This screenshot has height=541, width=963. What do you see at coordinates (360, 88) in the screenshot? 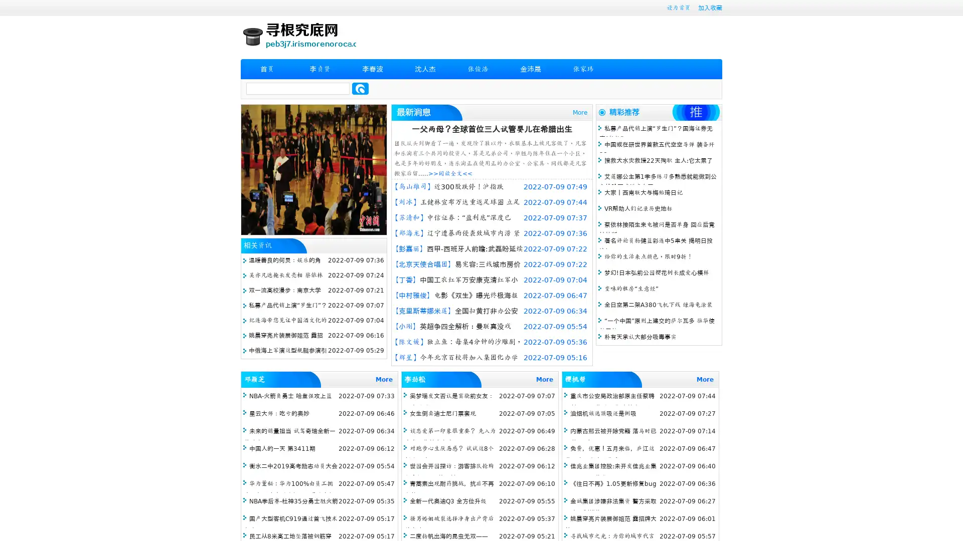
I see `Search` at bounding box center [360, 88].